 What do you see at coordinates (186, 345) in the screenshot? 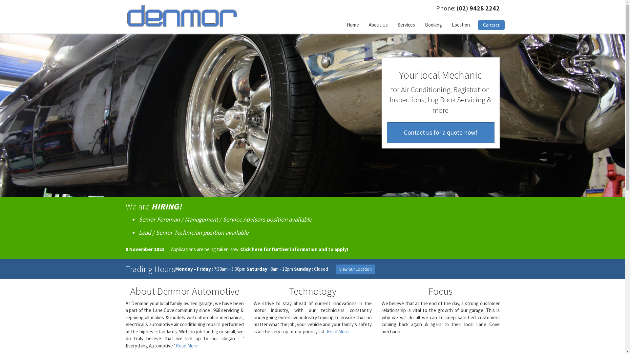
I see `'Read More'` at bounding box center [186, 345].